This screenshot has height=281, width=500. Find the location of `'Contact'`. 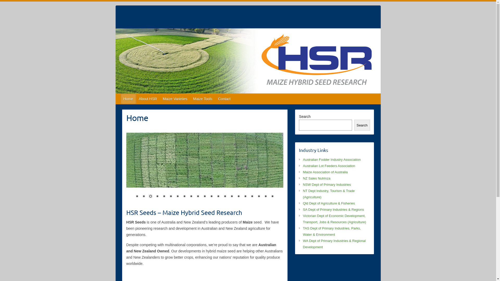

'Contact' is located at coordinates (224, 99).